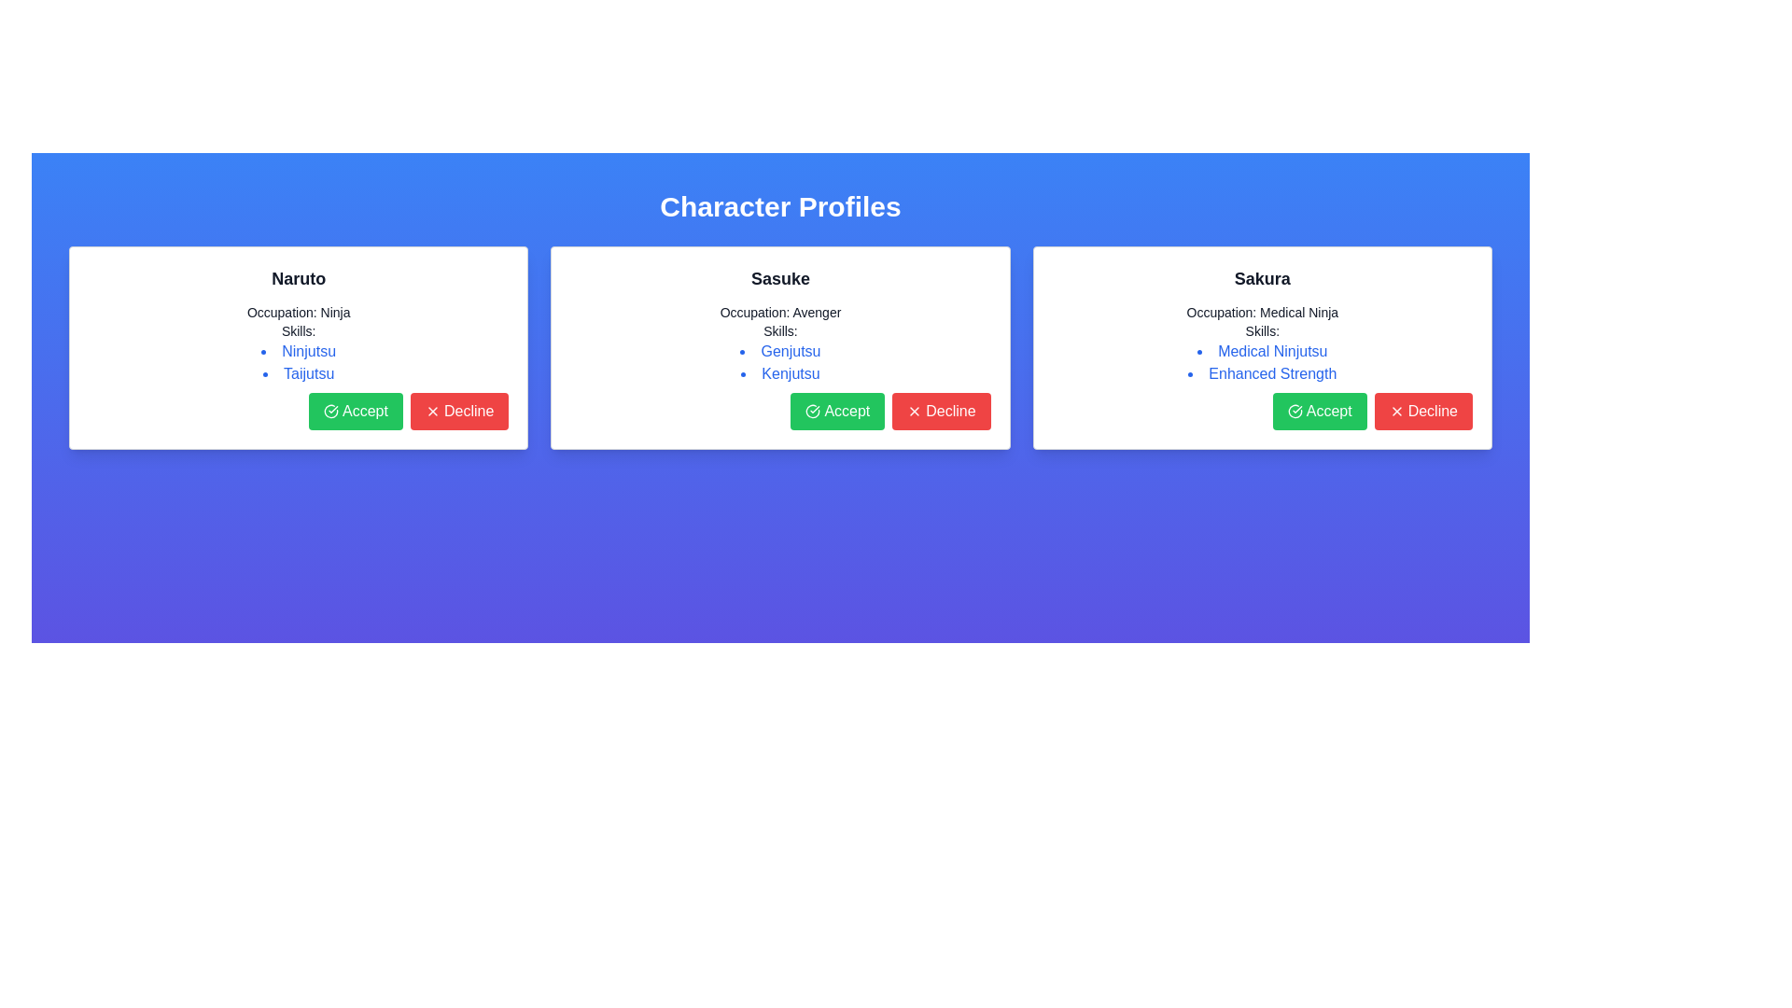 This screenshot has height=1008, width=1792. I want to click on the static Text label displaying the occupation of the character 'Sakura', located beneath the title in the third profile card from the left, so click(1262, 312).